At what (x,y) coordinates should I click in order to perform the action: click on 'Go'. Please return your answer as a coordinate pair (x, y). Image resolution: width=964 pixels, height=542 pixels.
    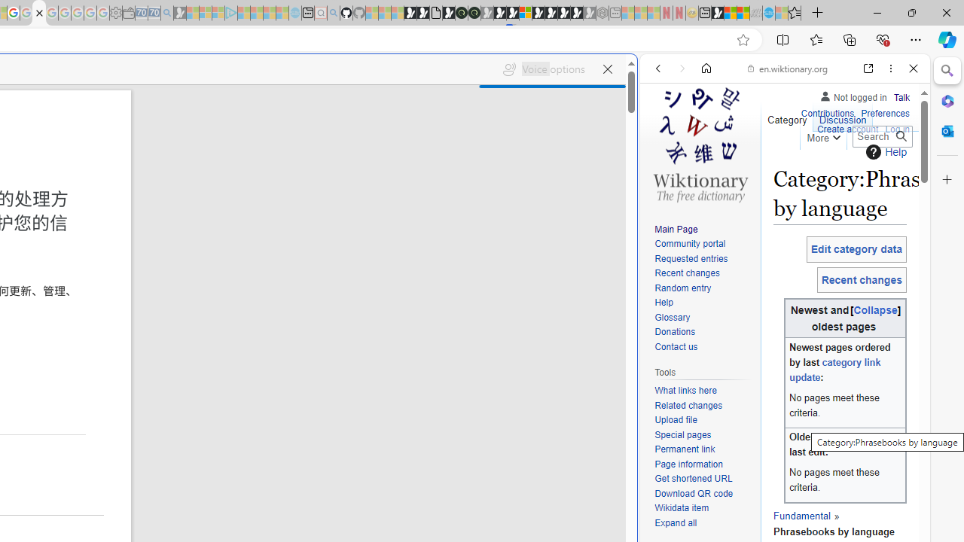
    Looking at the image, I should click on (901, 136).